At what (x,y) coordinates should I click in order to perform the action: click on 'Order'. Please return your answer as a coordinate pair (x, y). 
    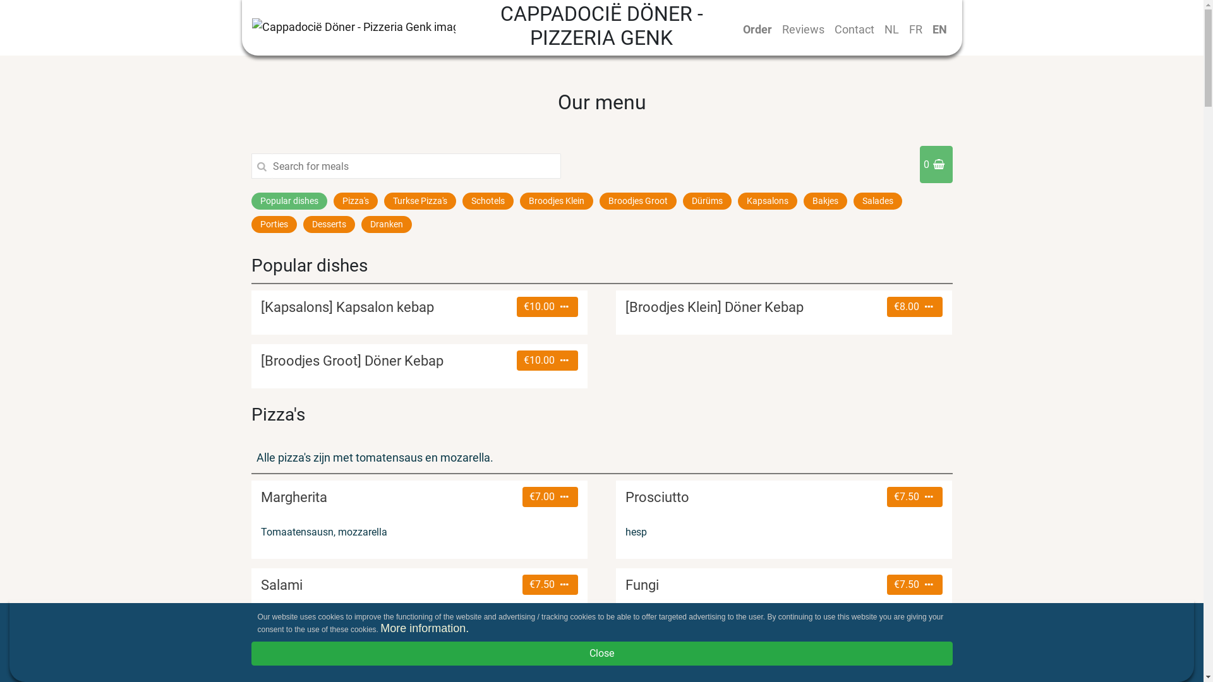
    Looking at the image, I should click on (757, 28).